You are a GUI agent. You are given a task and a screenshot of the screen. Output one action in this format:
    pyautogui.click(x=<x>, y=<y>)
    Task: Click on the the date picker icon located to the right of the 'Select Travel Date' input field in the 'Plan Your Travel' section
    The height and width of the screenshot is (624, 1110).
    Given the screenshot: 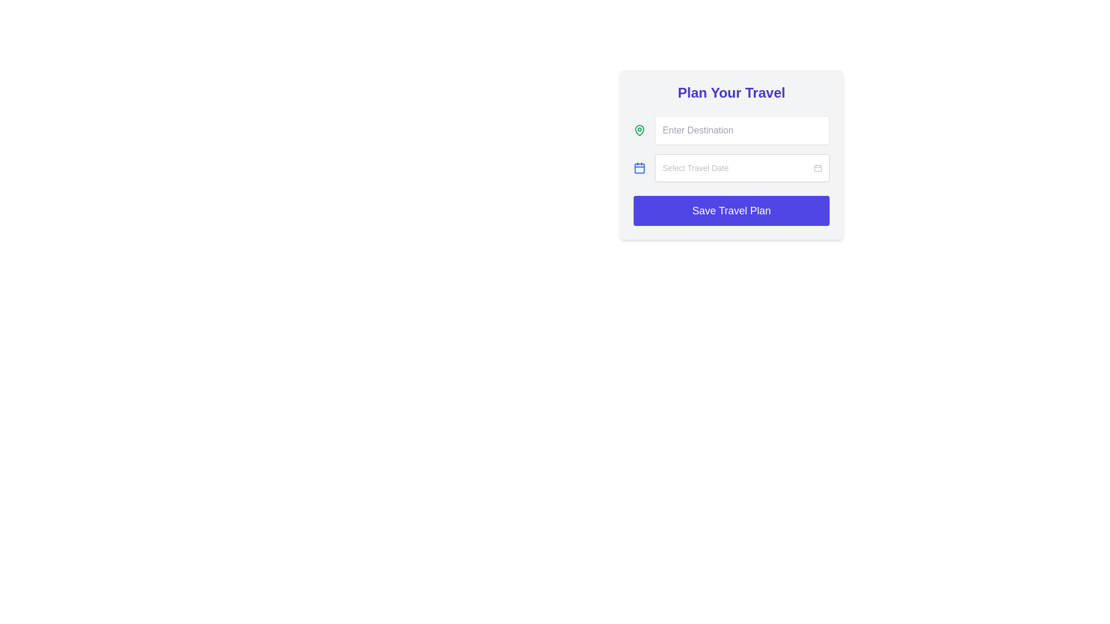 What is the action you would take?
    pyautogui.click(x=817, y=168)
    